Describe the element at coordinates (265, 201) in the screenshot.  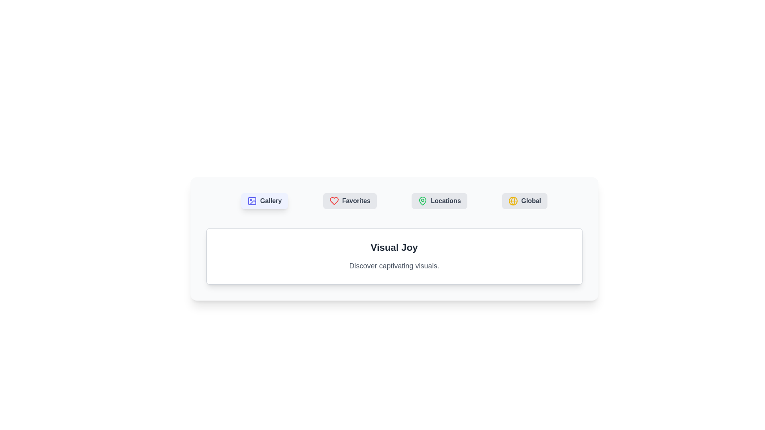
I see `the tab labeled Gallery to observe its hover effect` at that location.